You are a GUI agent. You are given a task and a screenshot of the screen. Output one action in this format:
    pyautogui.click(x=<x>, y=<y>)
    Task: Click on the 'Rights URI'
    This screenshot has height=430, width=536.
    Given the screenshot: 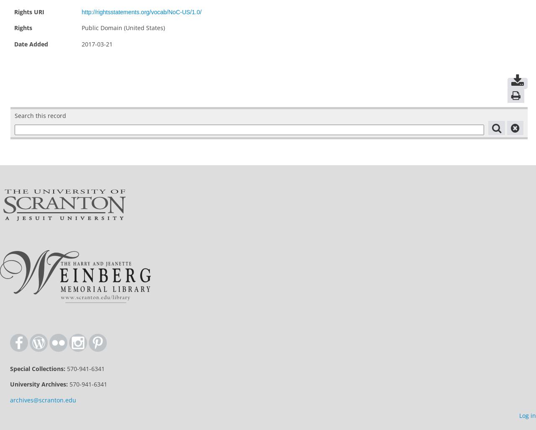 What is the action you would take?
    pyautogui.click(x=14, y=11)
    